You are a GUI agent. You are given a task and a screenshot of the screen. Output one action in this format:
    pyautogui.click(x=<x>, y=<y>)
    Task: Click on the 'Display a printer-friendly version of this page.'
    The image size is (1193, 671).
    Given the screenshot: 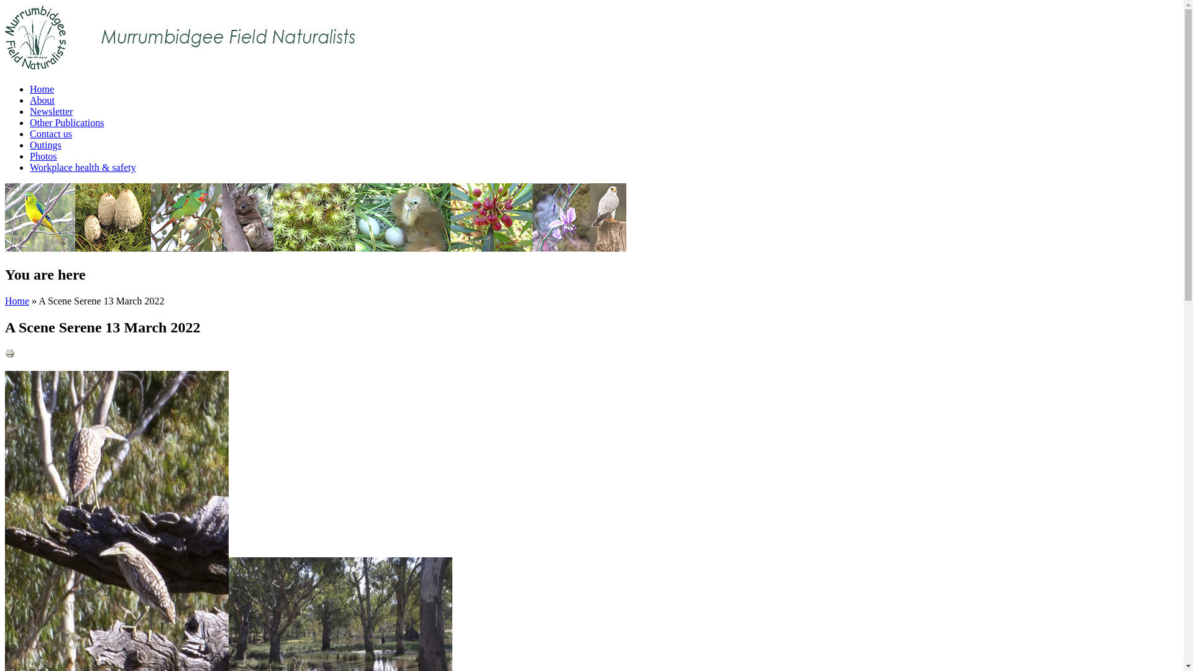 What is the action you would take?
    pyautogui.click(x=5, y=355)
    